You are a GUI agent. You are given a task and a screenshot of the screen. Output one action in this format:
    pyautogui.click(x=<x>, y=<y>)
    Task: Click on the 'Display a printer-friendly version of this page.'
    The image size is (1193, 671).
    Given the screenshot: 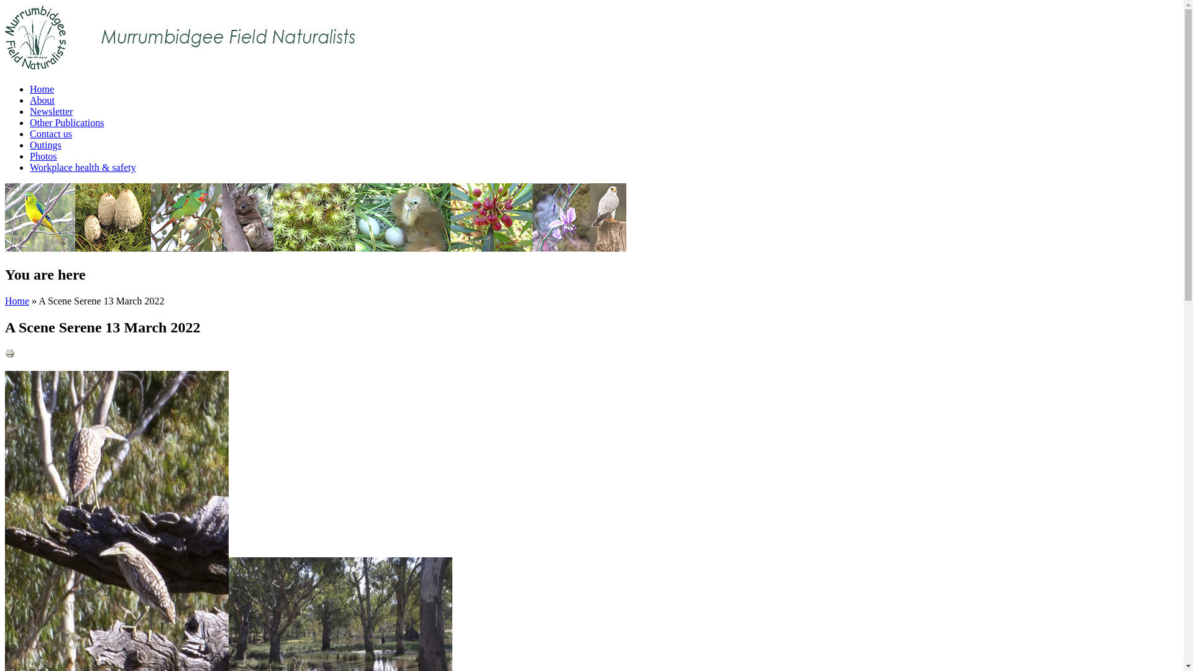 What is the action you would take?
    pyautogui.click(x=5, y=355)
    